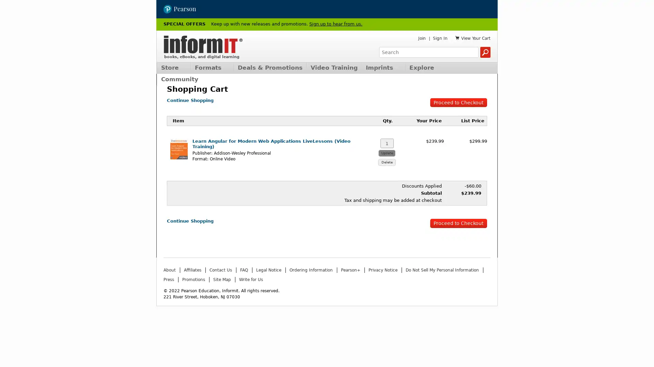  What do you see at coordinates (458, 102) in the screenshot?
I see `Proceed to Checkout` at bounding box center [458, 102].